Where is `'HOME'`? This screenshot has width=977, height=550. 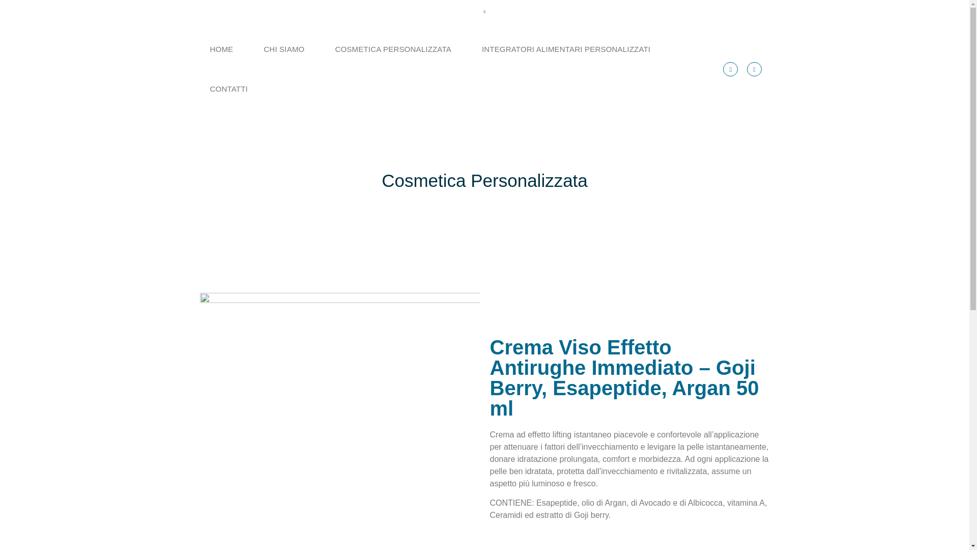 'HOME' is located at coordinates (221, 49).